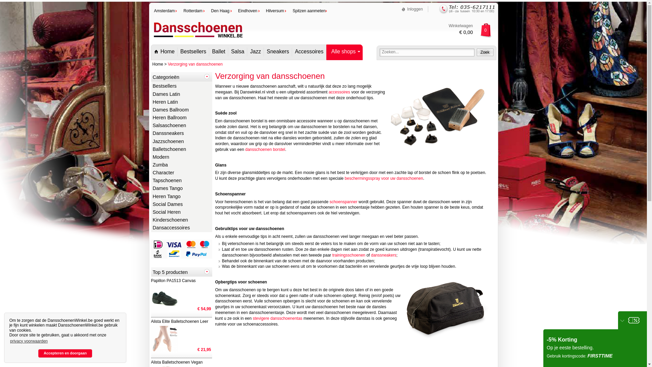 The height and width of the screenshot is (367, 652). I want to click on 'Salsaschoenen', so click(181, 126).